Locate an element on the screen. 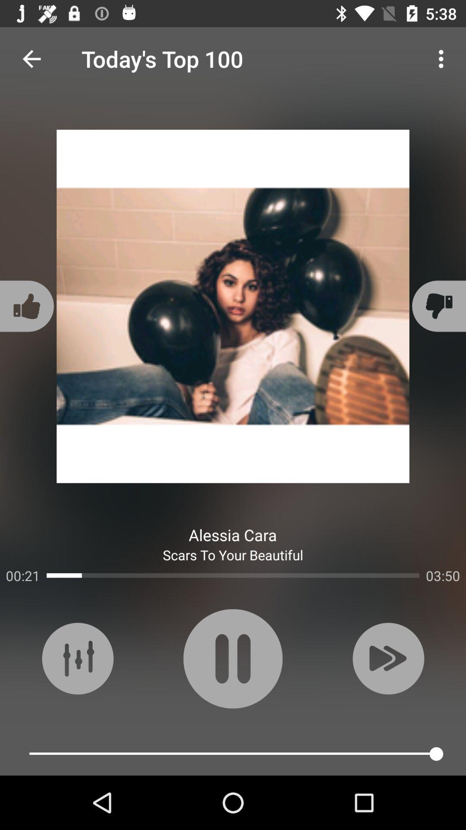 Image resolution: width=466 pixels, height=830 pixels. the thumbs_up icon is located at coordinates (28, 306).